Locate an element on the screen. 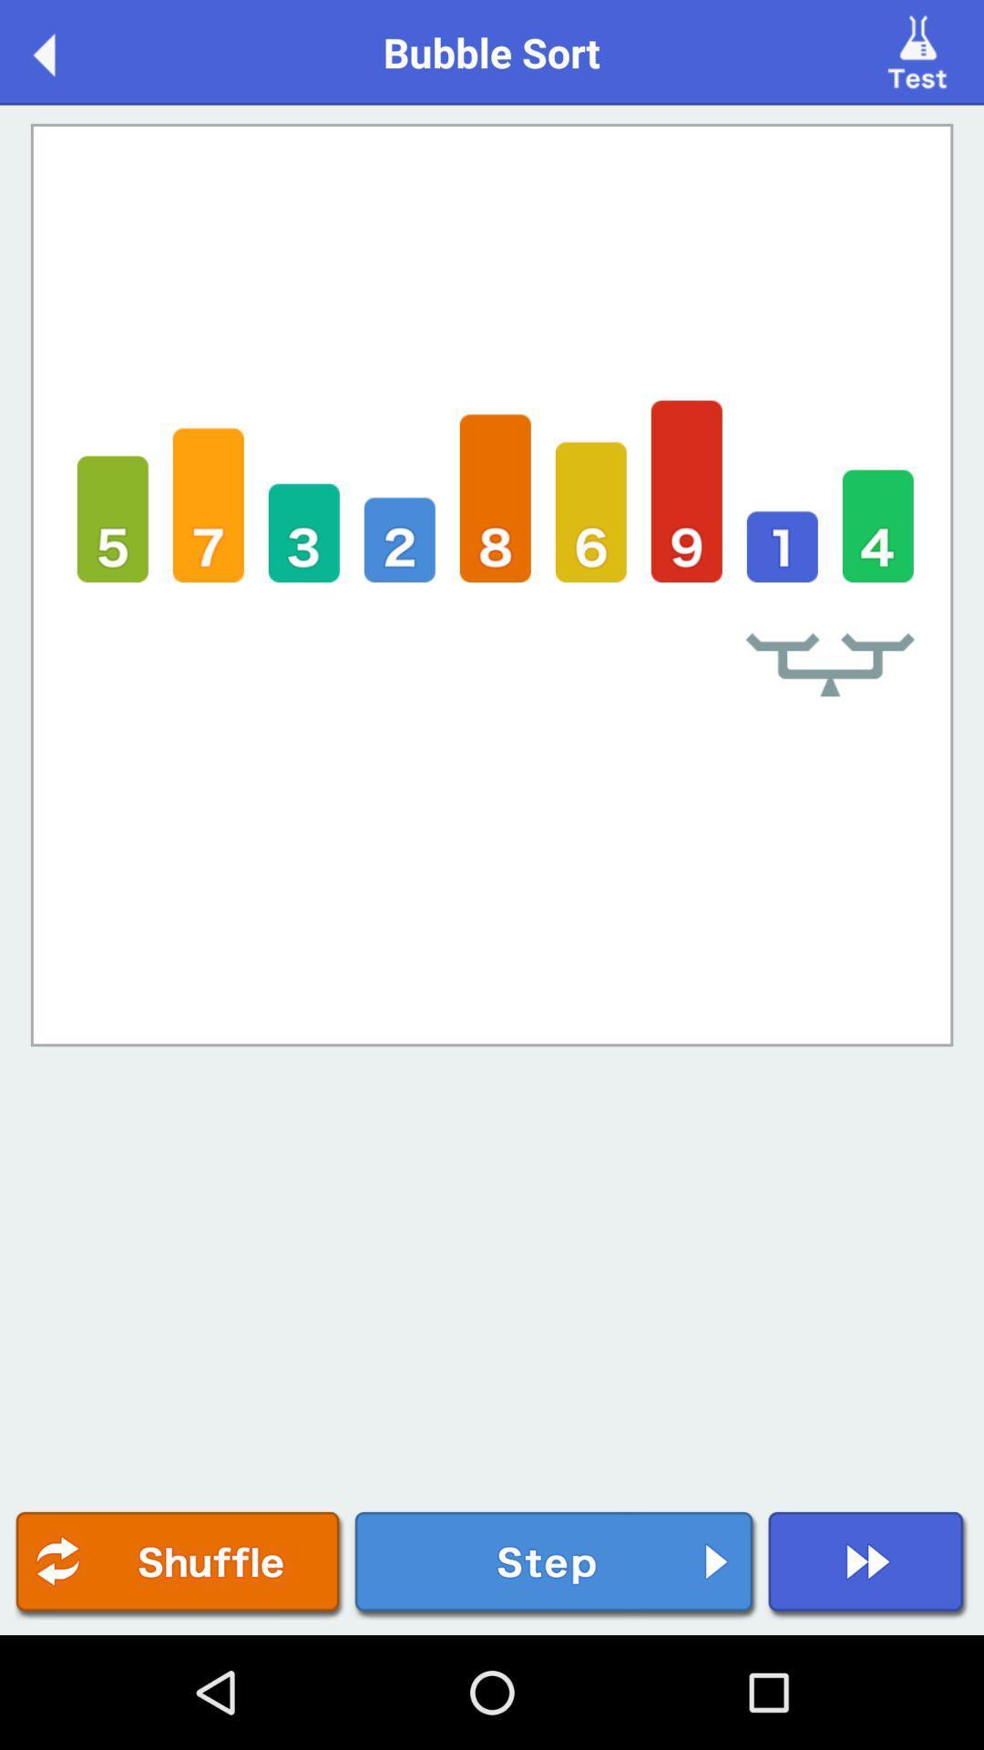 Image resolution: width=984 pixels, height=1750 pixels. fast forward is located at coordinates (866, 1564).